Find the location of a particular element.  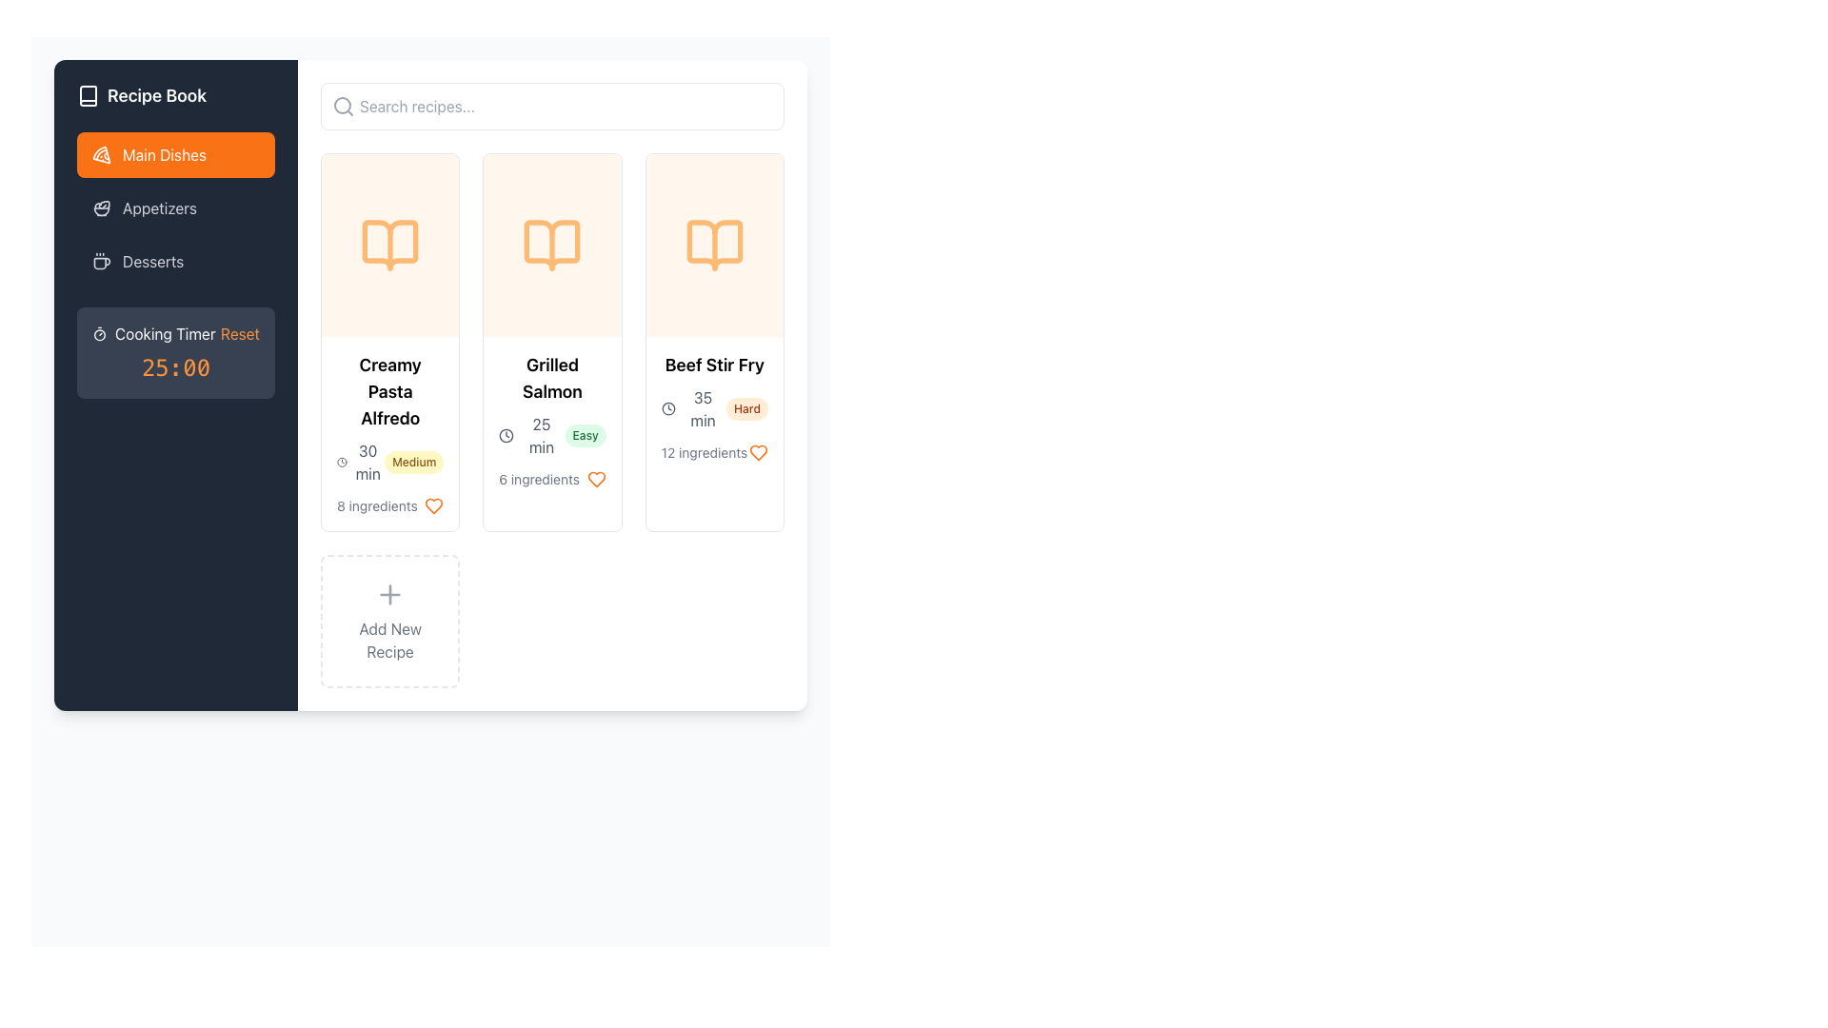

the circular 'Add New Recipe' icon button containing a plus symbol is located at coordinates (389, 593).